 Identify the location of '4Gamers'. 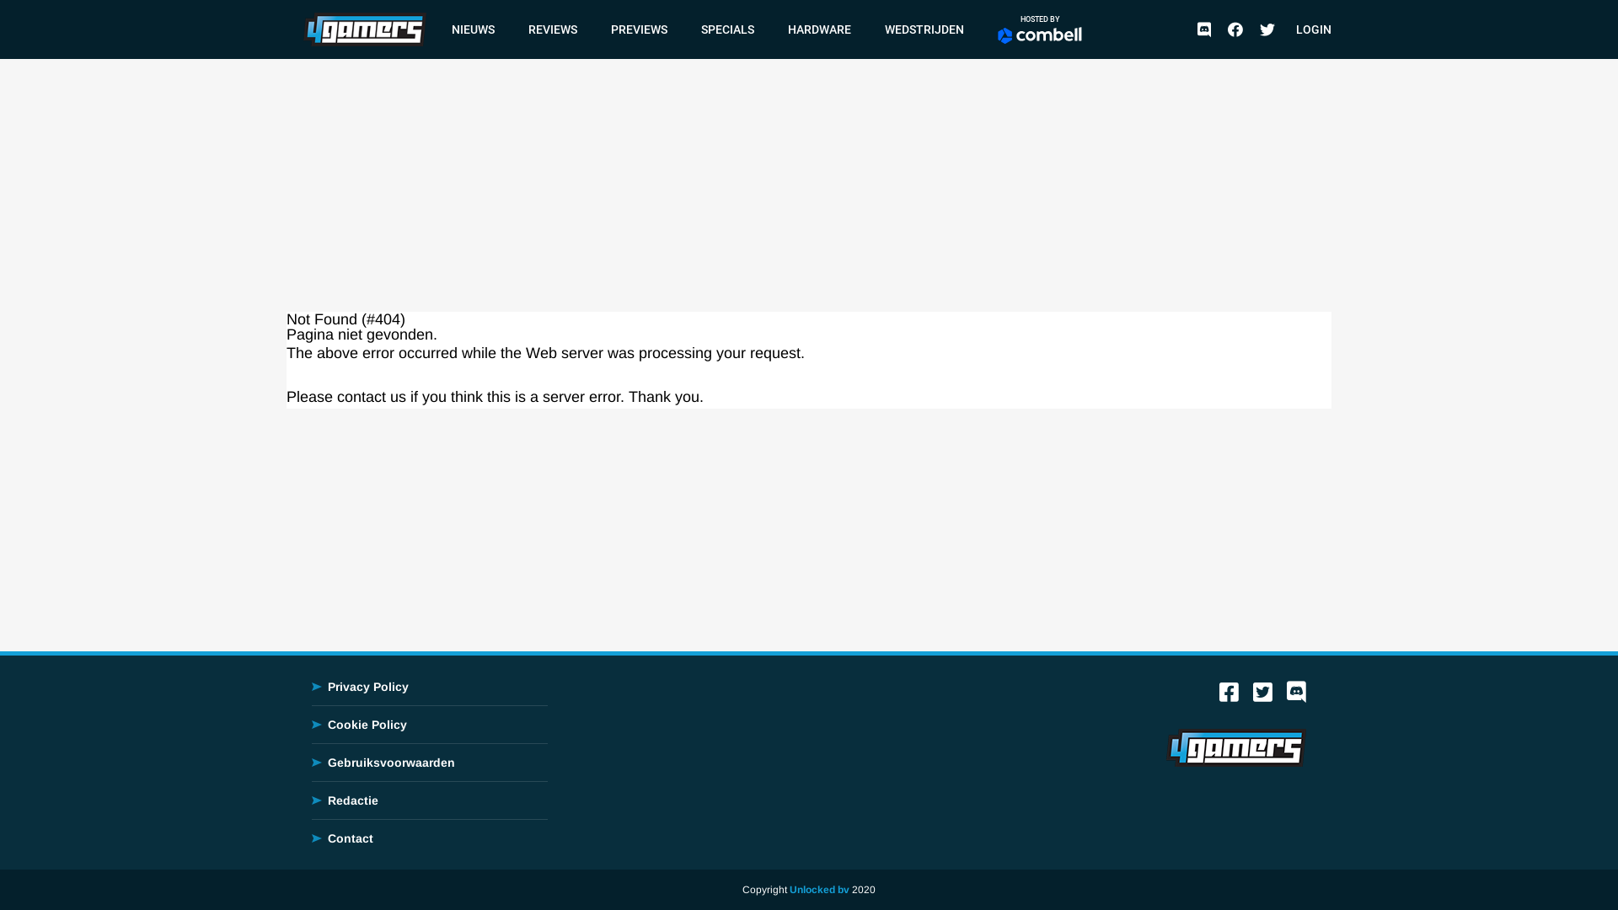
(363, 28).